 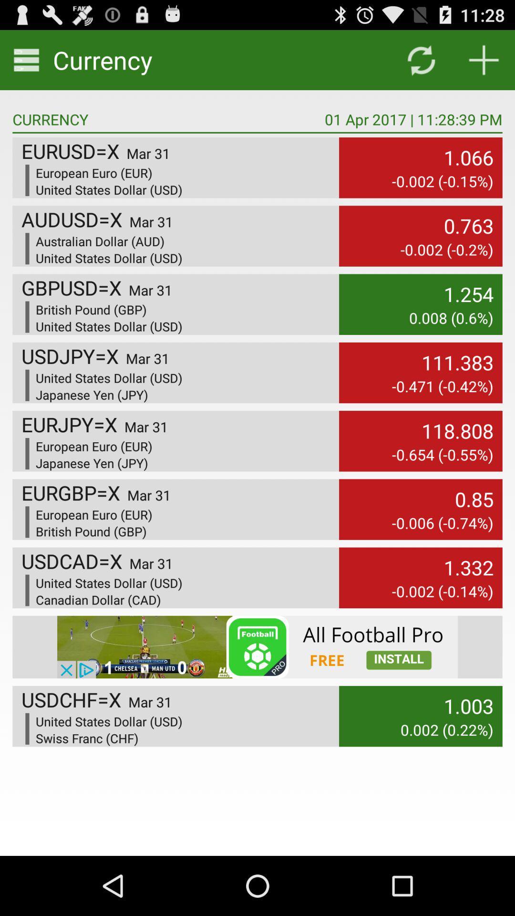 What do you see at coordinates (421, 59) in the screenshot?
I see `reload the page` at bounding box center [421, 59].